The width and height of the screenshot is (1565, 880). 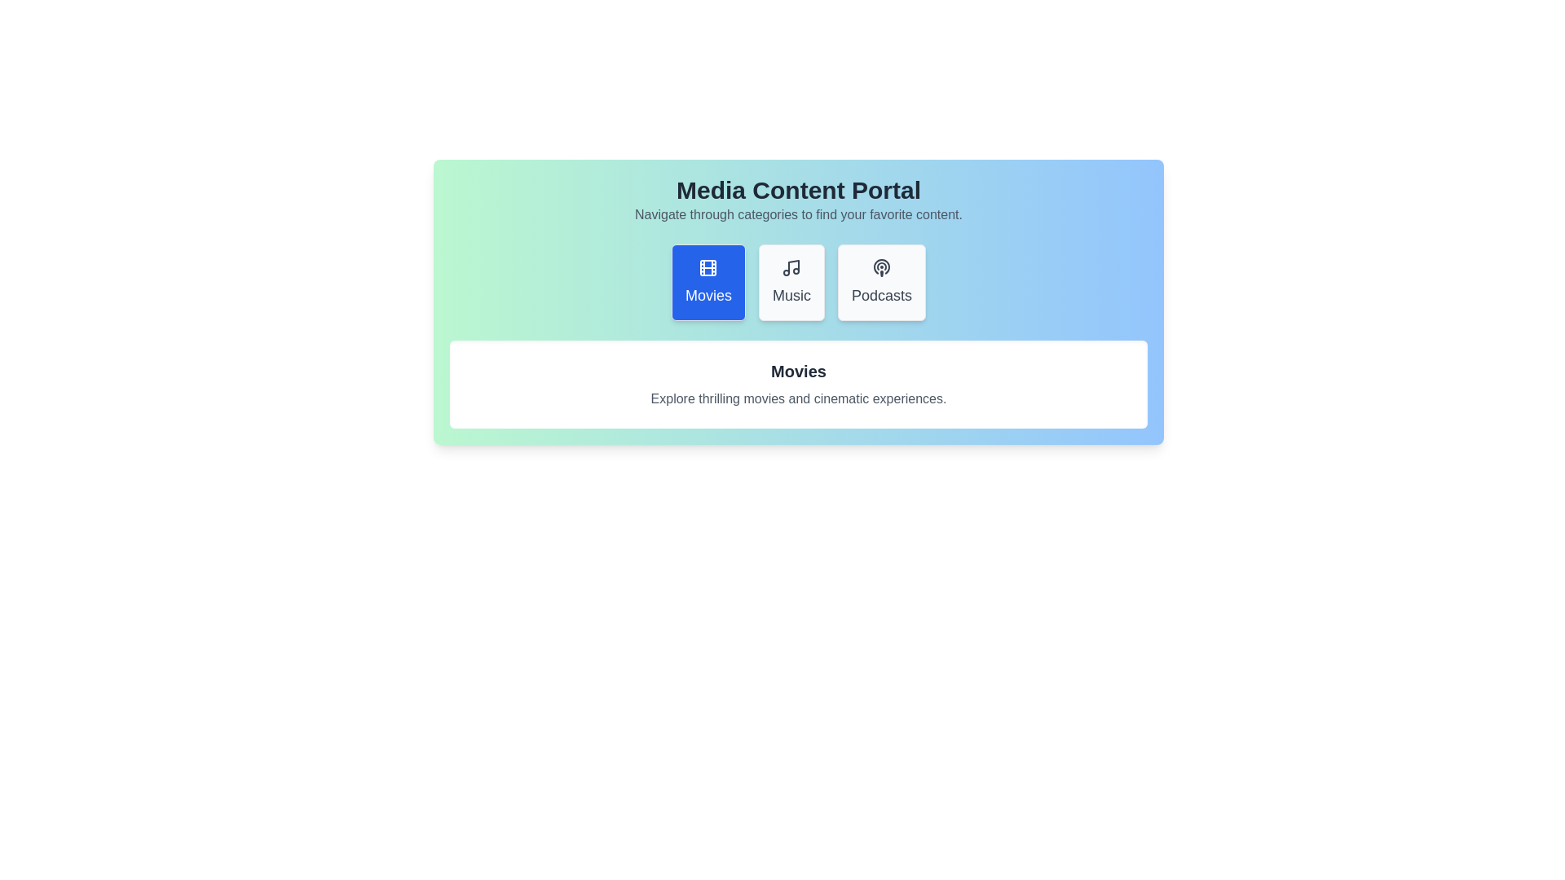 What do you see at coordinates (791, 282) in the screenshot?
I see `the button labeled Music` at bounding box center [791, 282].